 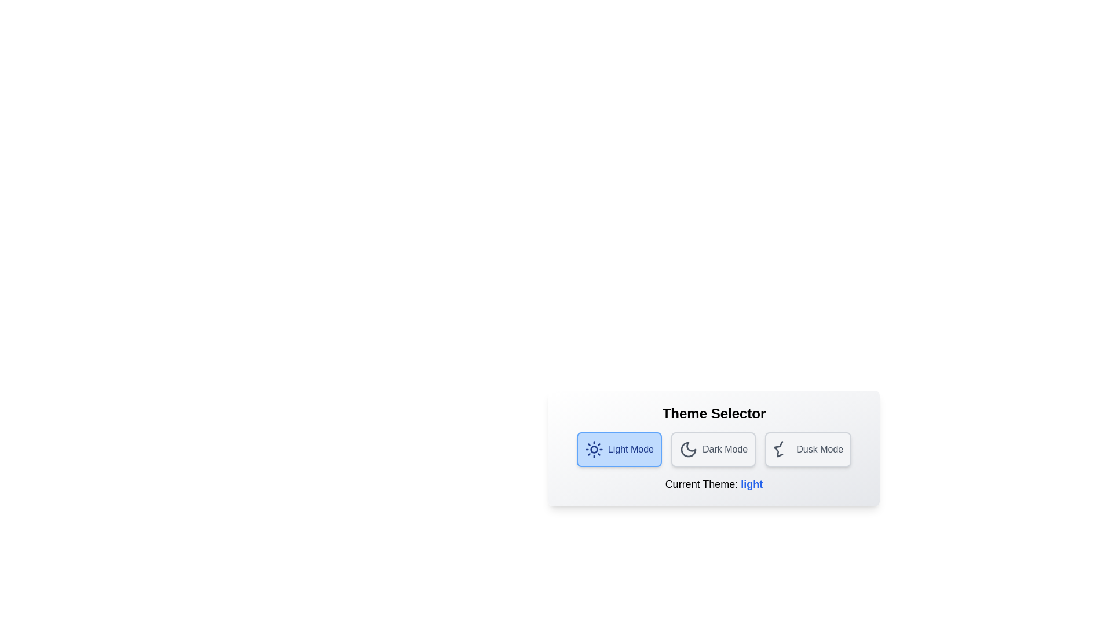 I want to click on the theme button for Dusk Mode, so click(x=807, y=448).